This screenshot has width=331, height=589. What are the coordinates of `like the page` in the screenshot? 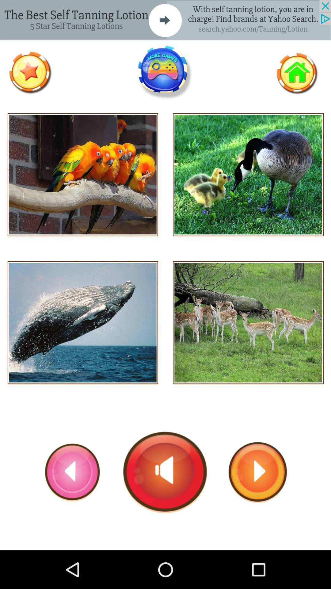 It's located at (30, 72).